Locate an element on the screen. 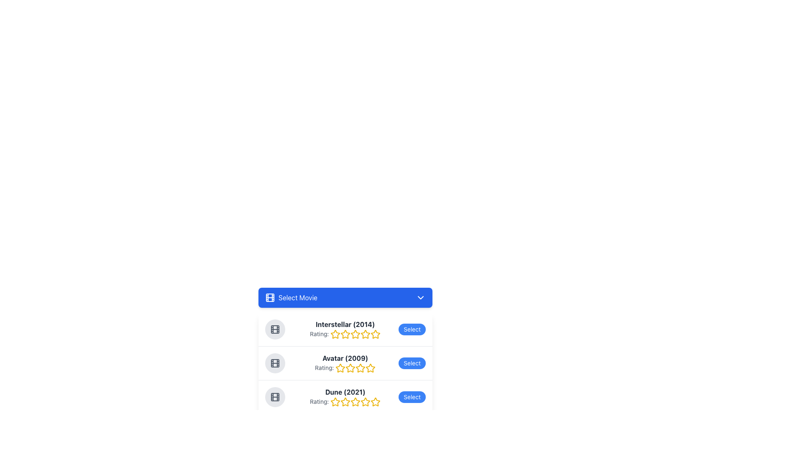 The height and width of the screenshot is (451, 803). the informational label with the visual rating control, which is the second item in the vertically organized list between 'Interstellar (2014)' and 'Dune (2021)', for selection is located at coordinates (345, 363).